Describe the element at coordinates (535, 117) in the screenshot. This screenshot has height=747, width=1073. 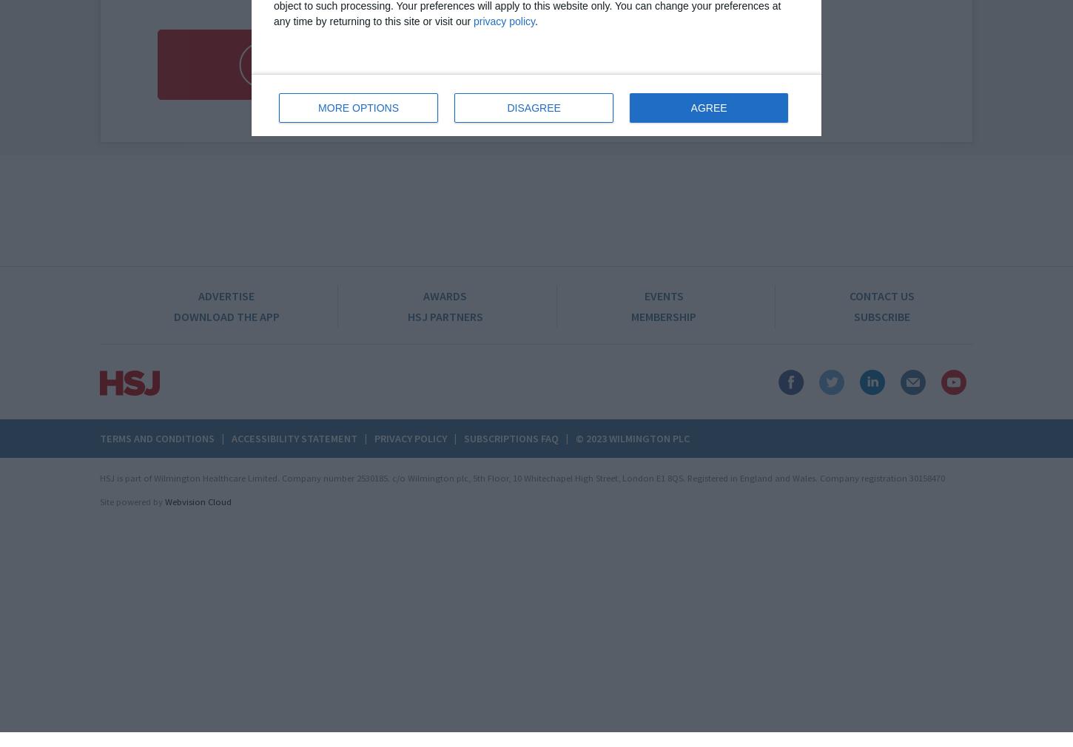
I see `'Sign into your account here'` at that location.